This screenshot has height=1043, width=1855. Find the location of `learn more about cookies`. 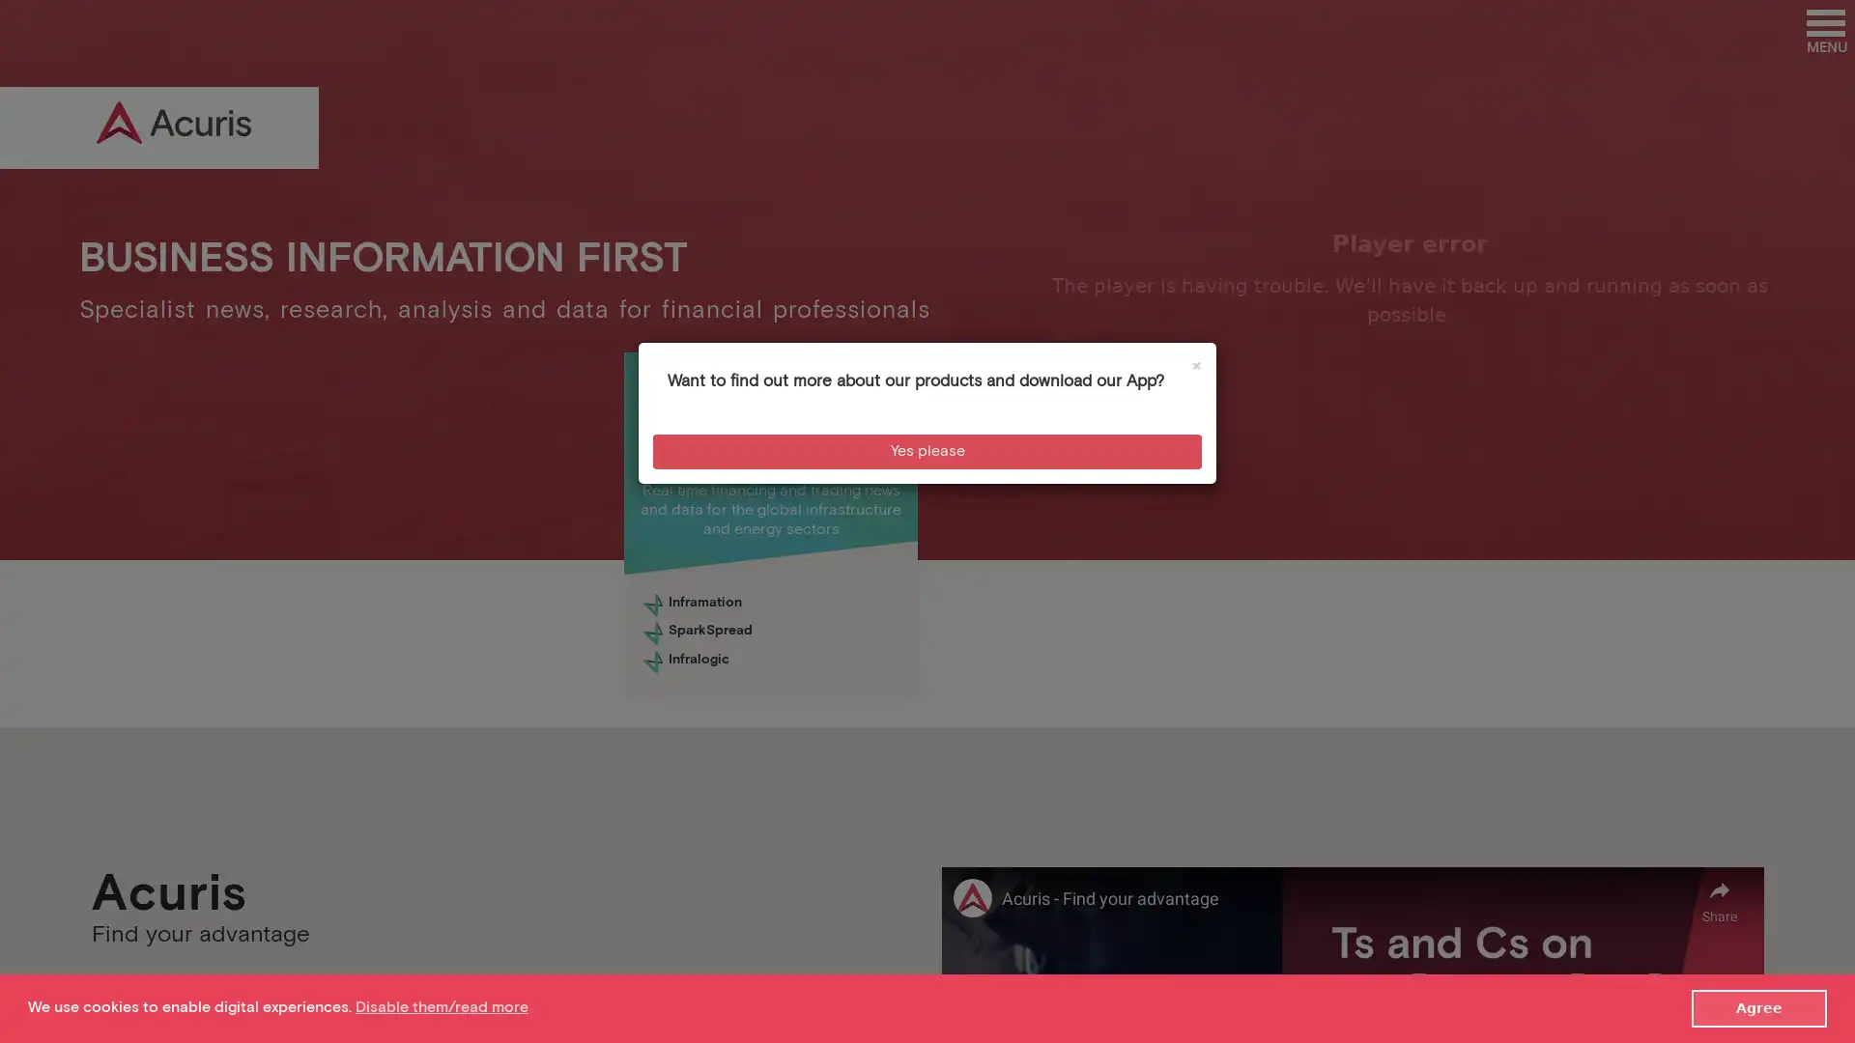

learn more about cookies is located at coordinates (440, 1006).